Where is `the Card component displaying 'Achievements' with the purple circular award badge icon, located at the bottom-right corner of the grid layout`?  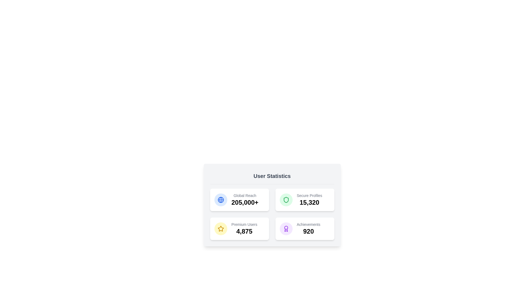
the Card component displaying 'Achievements' with the purple circular award badge icon, located at the bottom-right corner of the grid layout is located at coordinates (305, 229).